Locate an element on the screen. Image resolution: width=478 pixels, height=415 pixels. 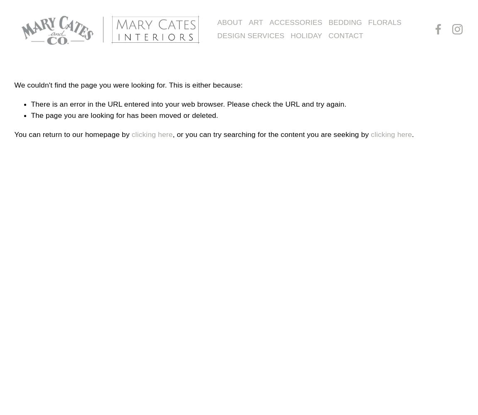
'The page you are looking for has been moved or deleted.' is located at coordinates (124, 115).